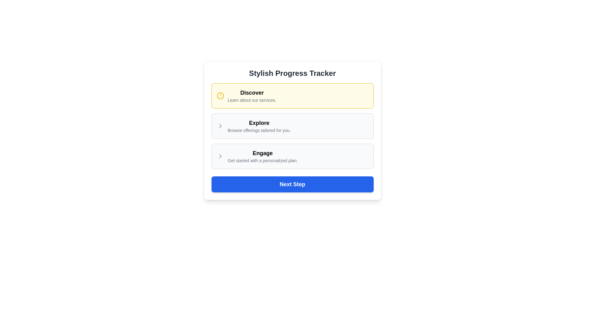 This screenshot has height=333, width=592. I want to click on the bold, black-colored text displaying the word 'Explore' at the top of the Stylish Progress Tracker interface, so click(259, 123).